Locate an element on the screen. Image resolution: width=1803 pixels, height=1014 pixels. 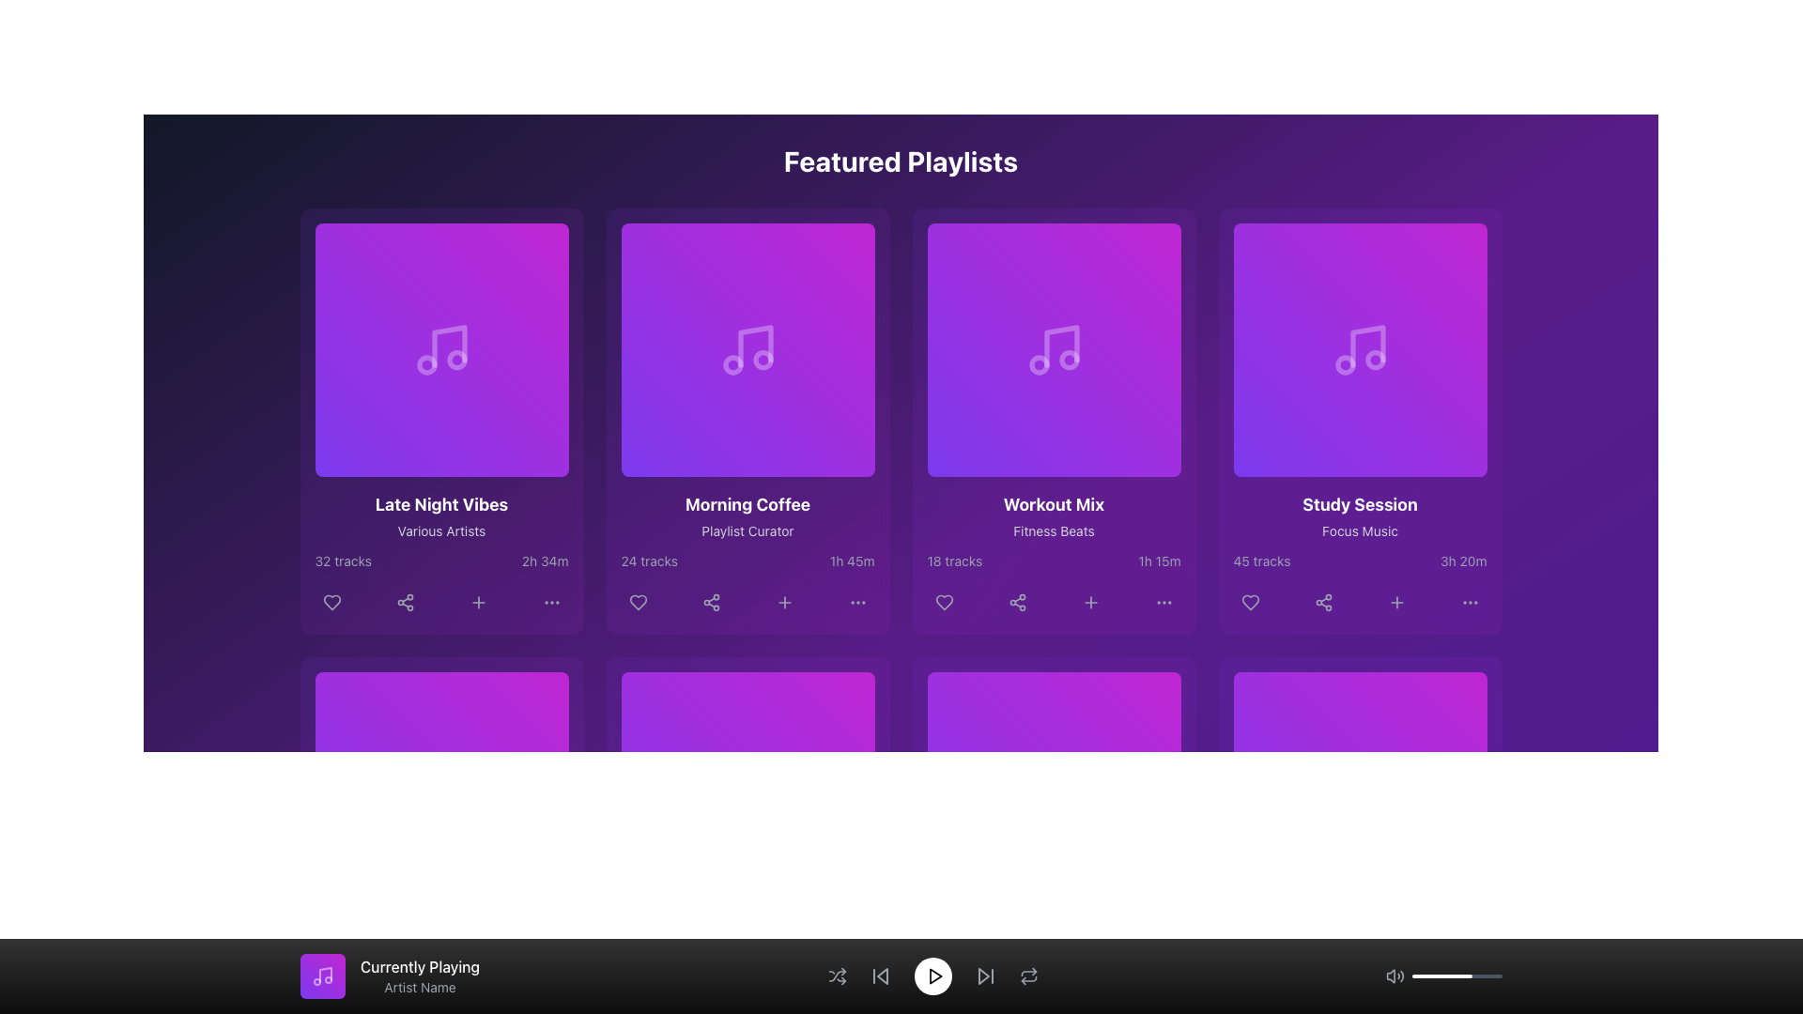
the share button, which is the second interactive icon under the 'Workout Mix' playlist card is located at coordinates (1016, 602).